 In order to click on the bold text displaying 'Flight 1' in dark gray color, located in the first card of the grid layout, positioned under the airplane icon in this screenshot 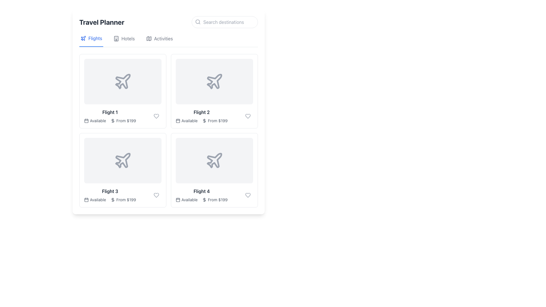, I will do `click(110, 112)`.